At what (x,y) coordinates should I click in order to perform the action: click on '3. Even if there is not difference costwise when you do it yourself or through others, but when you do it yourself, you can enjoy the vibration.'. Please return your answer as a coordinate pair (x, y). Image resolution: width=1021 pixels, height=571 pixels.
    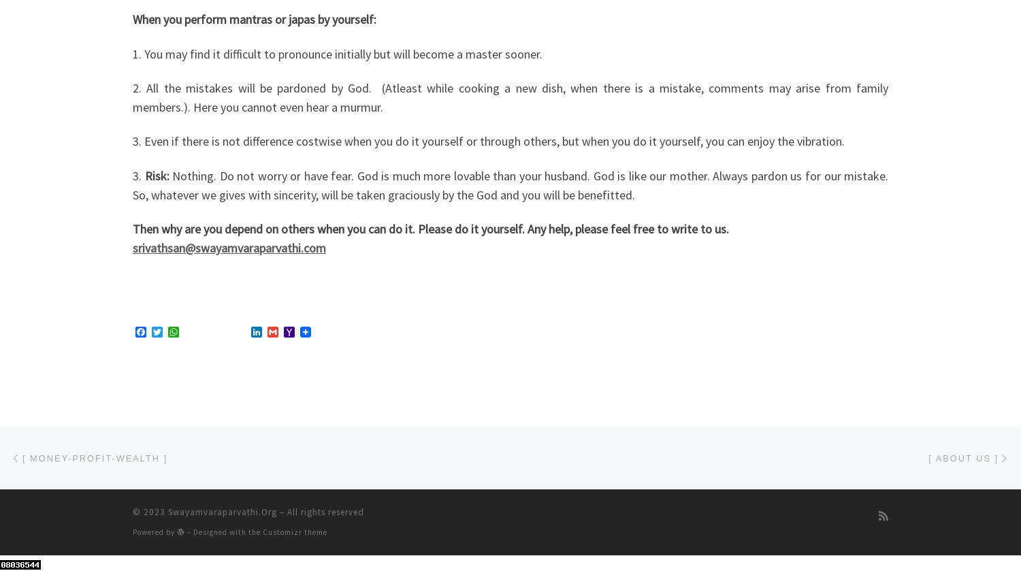
    Looking at the image, I should click on (488, 141).